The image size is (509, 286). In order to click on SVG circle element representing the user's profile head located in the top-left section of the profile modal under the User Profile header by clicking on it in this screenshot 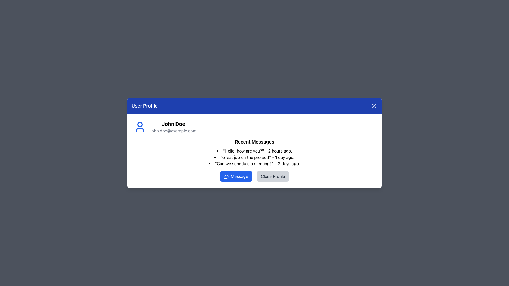, I will do `click(140, 124)`.